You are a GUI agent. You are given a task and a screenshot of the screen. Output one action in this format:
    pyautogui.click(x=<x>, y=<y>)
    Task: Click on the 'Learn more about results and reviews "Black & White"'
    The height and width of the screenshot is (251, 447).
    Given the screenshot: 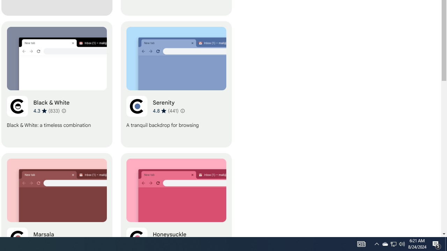 What is the action you would take?
    pyautogui.click(x=64, y=110)
    